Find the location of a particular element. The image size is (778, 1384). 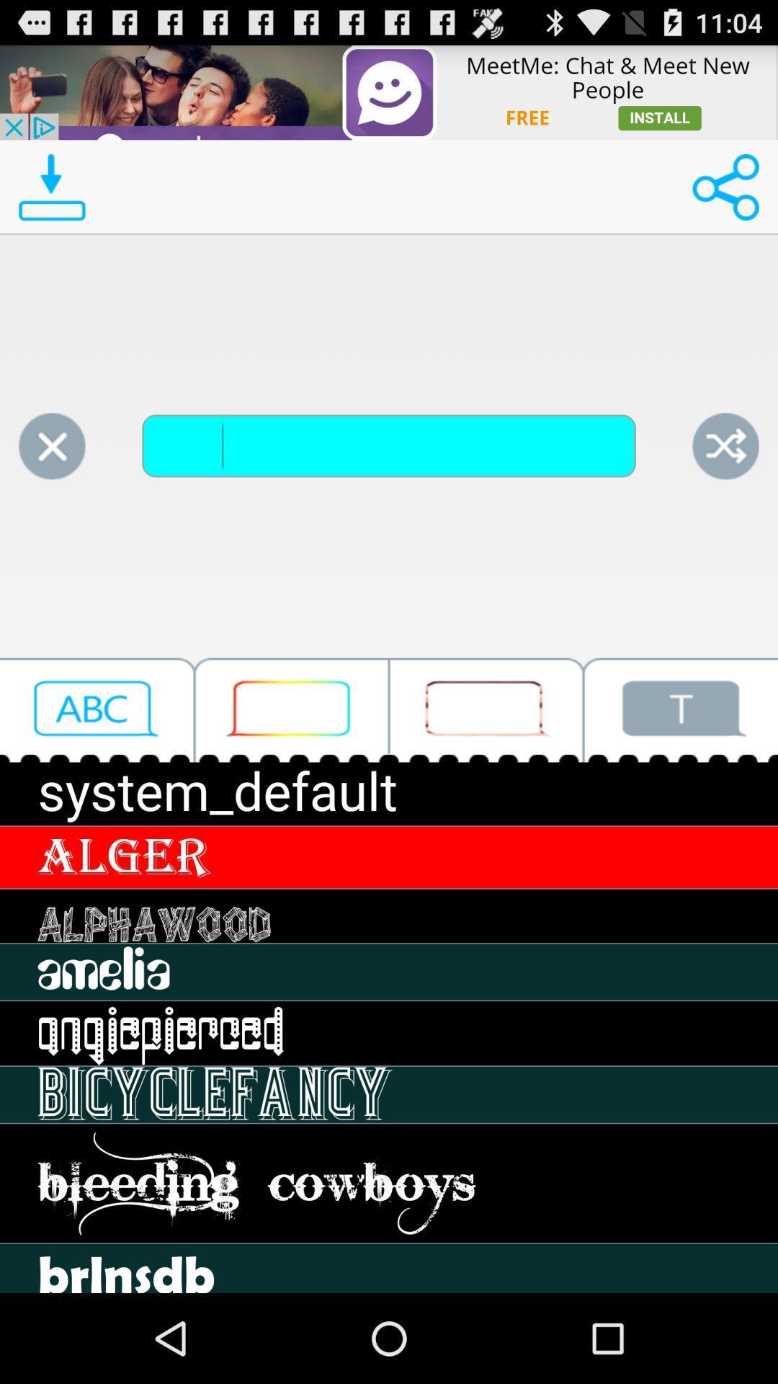

text is located at coordinates (681, 710).